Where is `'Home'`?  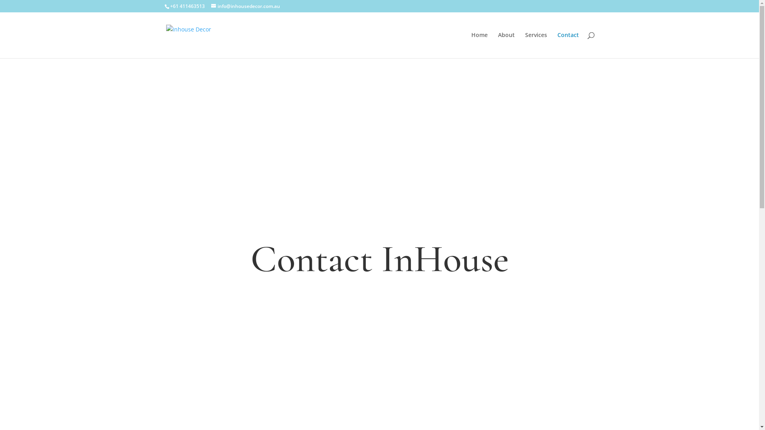 'Home' is located at coordinates (479, 45).